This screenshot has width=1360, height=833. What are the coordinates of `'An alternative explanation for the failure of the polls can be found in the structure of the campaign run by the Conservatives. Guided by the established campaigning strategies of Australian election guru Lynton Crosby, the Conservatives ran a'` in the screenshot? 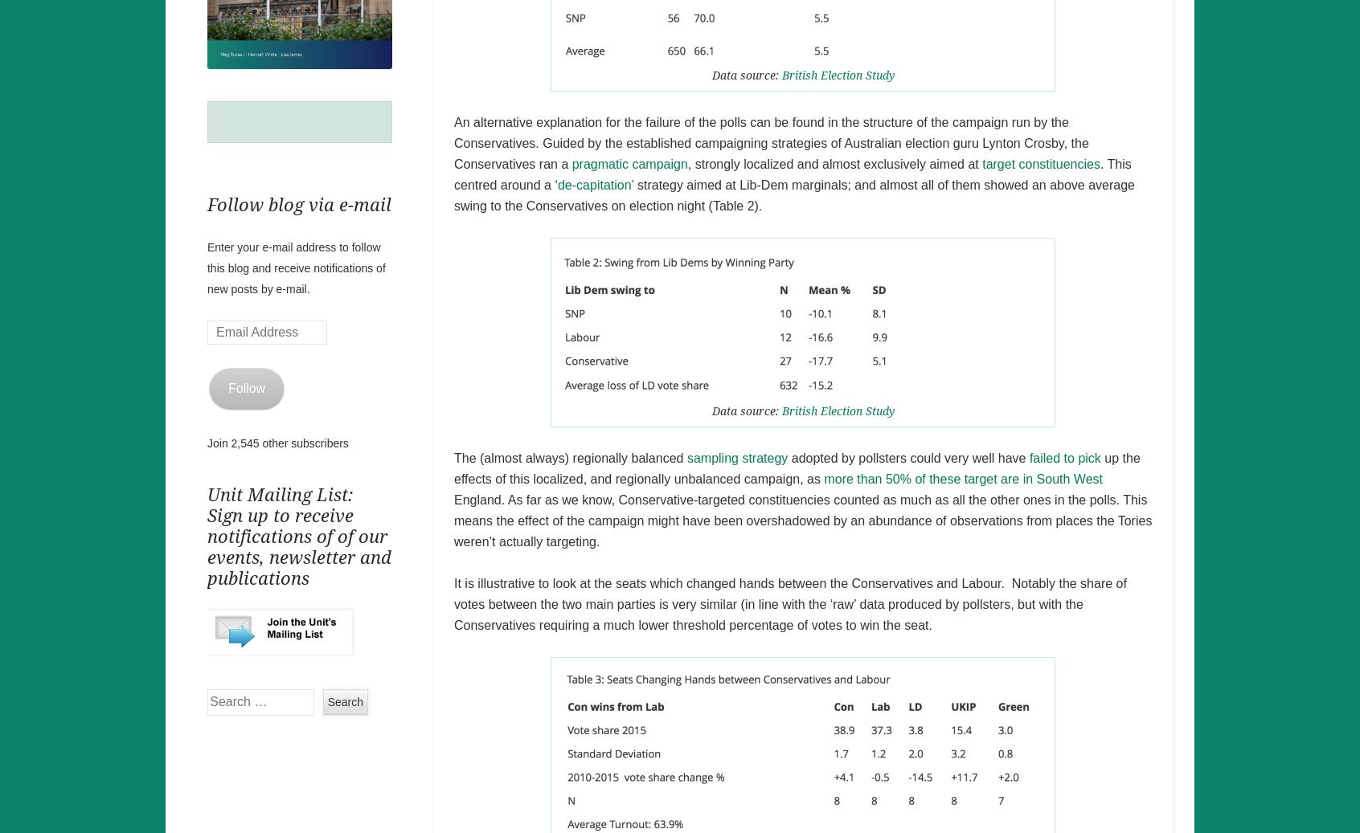 It's located at (771, 141).